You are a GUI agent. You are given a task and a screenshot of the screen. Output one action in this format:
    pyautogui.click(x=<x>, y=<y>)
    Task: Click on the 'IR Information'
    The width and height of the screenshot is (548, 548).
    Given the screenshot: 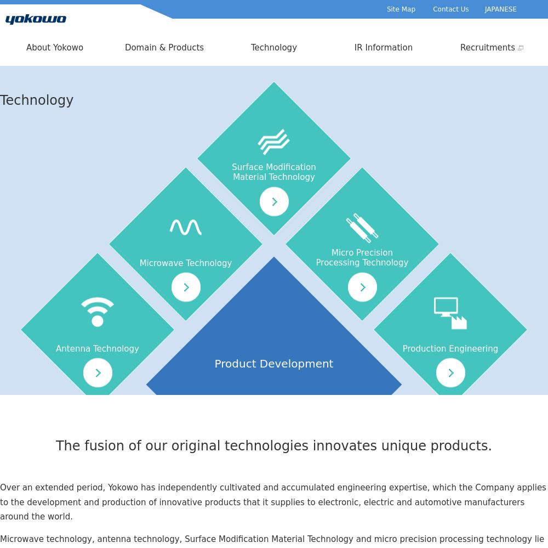 What is the action you would take?
    pyautogui.click(x=383, y=47)
    